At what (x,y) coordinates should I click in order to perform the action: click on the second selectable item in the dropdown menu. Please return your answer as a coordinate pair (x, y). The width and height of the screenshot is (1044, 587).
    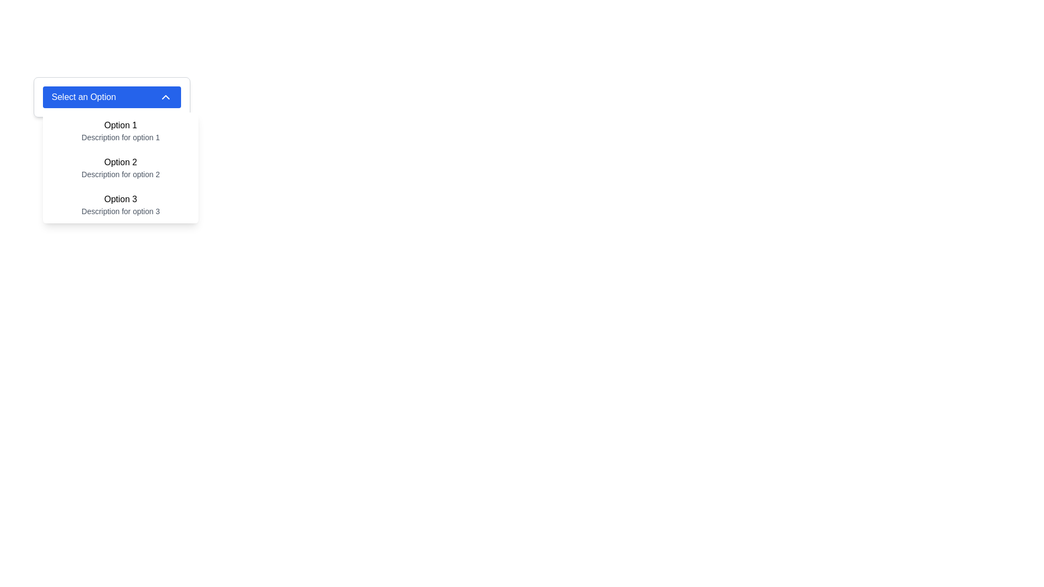
    Looking at the image, I should click on (120, 167).